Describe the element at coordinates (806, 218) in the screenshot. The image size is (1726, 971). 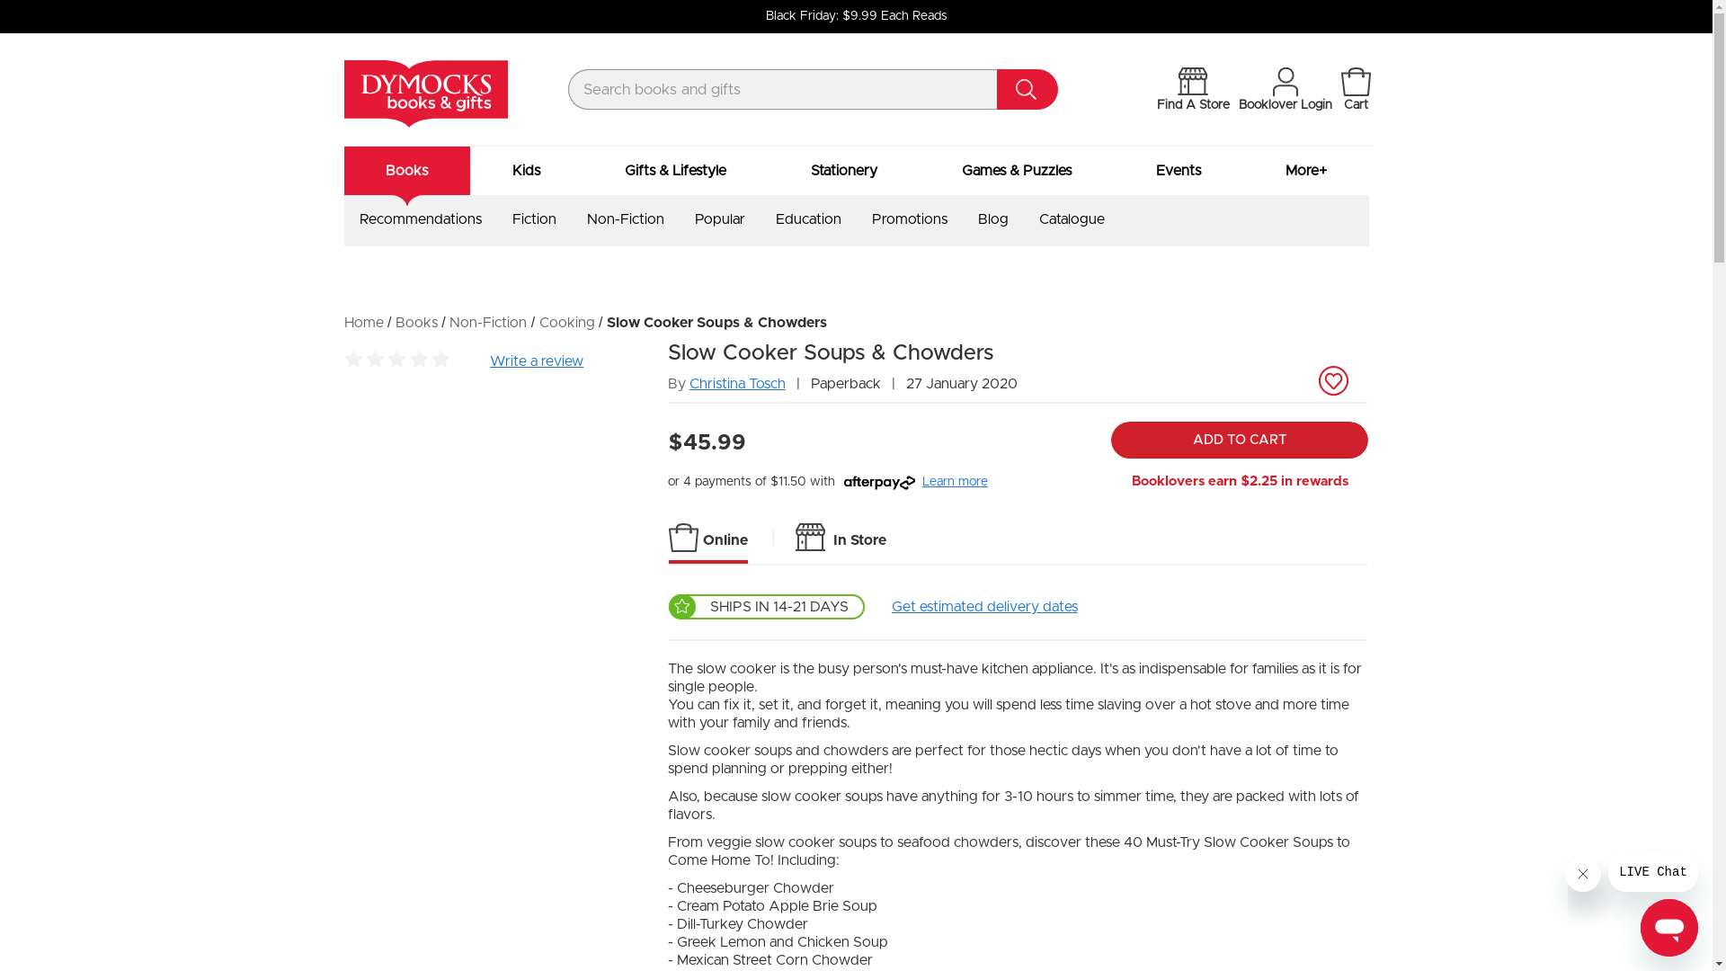
I see `'Education'` at that location.